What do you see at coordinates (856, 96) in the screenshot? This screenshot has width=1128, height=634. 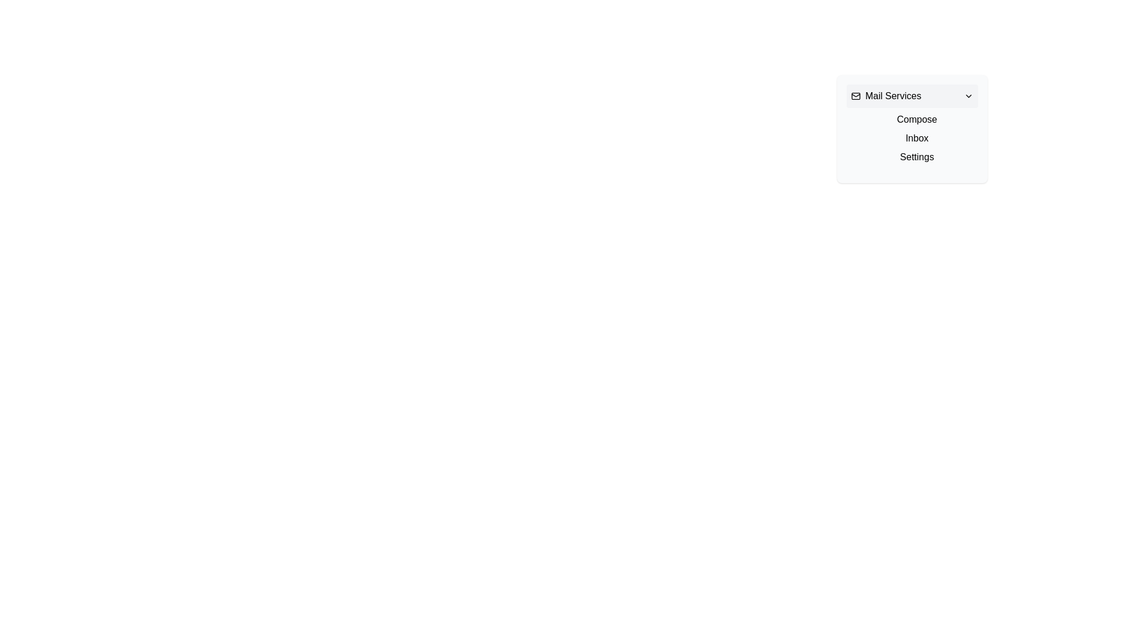 I see `the mail-related icon graphic (SVG) located in the top-left corner of the 'Mail Services' dropdown menu, next to the 'Mail Services' label` at bounding box center [856, 96].